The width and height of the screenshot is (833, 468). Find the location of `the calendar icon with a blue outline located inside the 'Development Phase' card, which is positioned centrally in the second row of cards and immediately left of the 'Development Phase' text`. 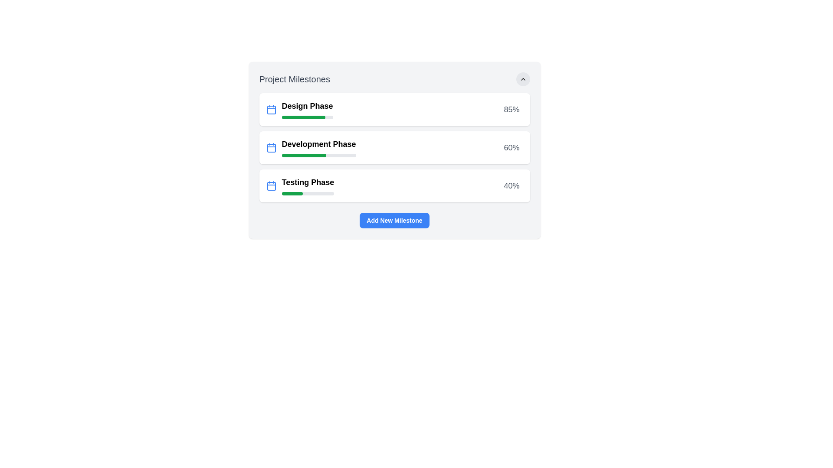

the calendar icon with a blue outline located inside the 'Development Phase' card, which is positioned centrally in the second row of cards and immediately left of the 'Development Phase' text is located at coordinates (271, 147).